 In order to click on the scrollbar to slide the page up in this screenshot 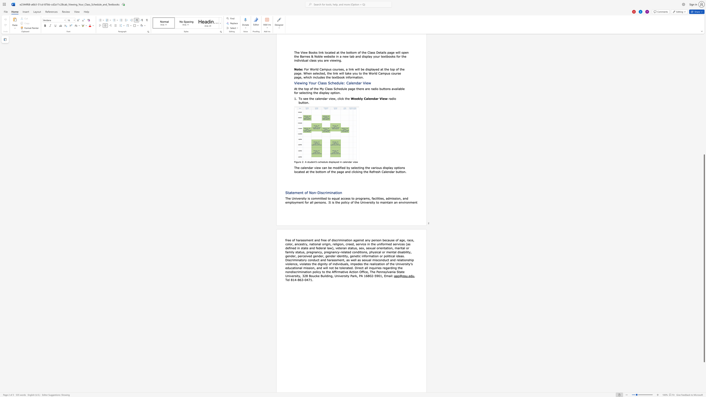, I will do `click(704, 106)`.